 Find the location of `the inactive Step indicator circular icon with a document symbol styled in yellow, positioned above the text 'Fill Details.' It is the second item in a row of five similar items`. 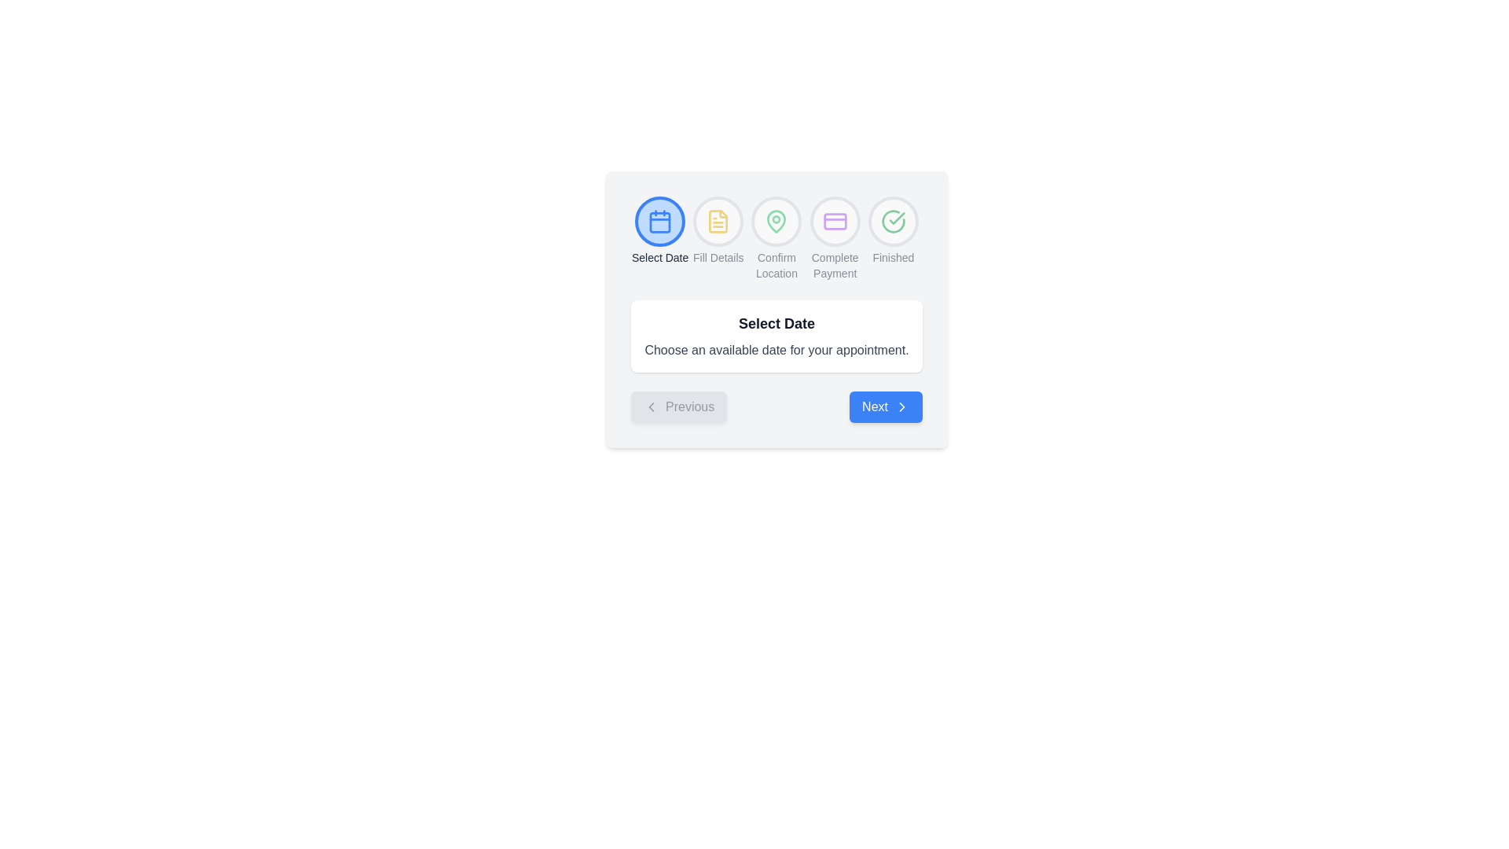

the inactive Step indicator circular icon with a document symbol styled in yellow, positioned above the text 'Fill Details.' It is the second item in a row of five similar items is located at coordinates (718, 239).